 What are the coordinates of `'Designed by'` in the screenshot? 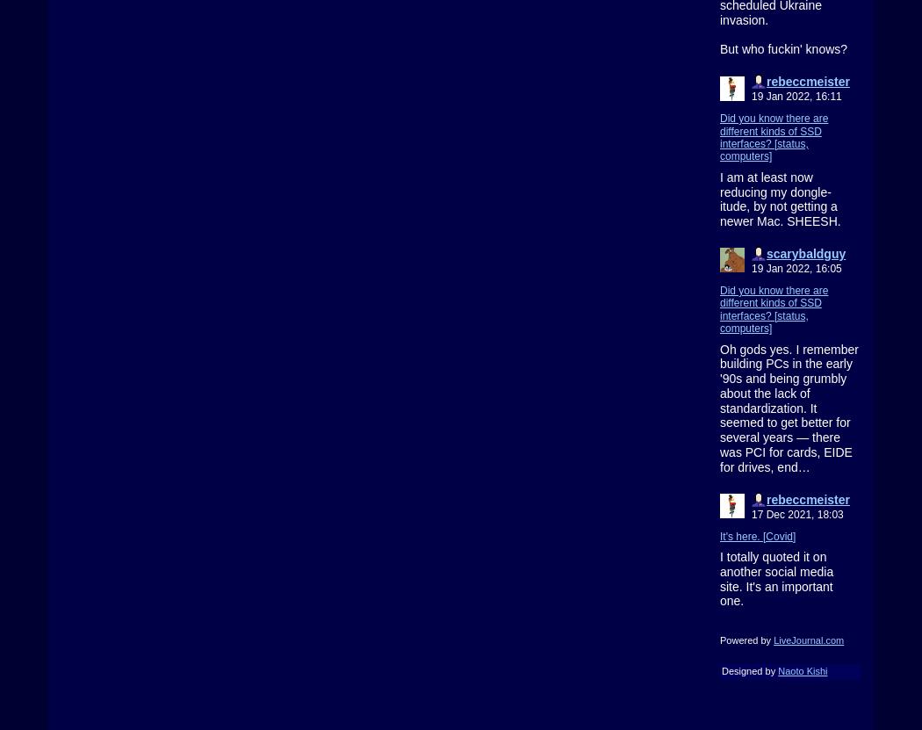 It's located at (749, 671).